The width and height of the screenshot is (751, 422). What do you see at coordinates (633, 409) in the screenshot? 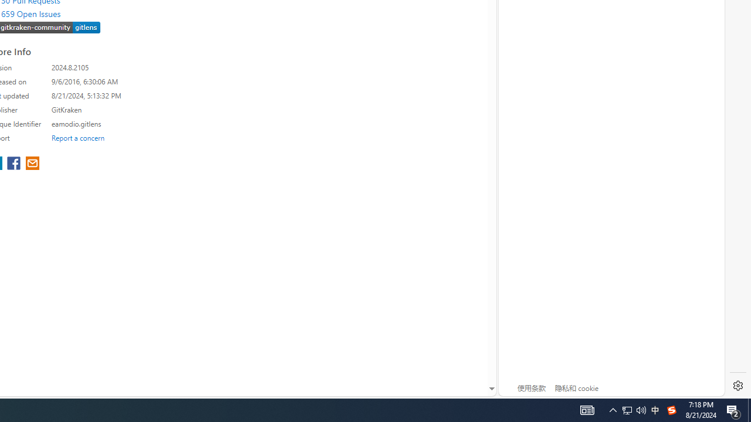
I see `'Q2790: 100%'` at bounding box center [633, 409].